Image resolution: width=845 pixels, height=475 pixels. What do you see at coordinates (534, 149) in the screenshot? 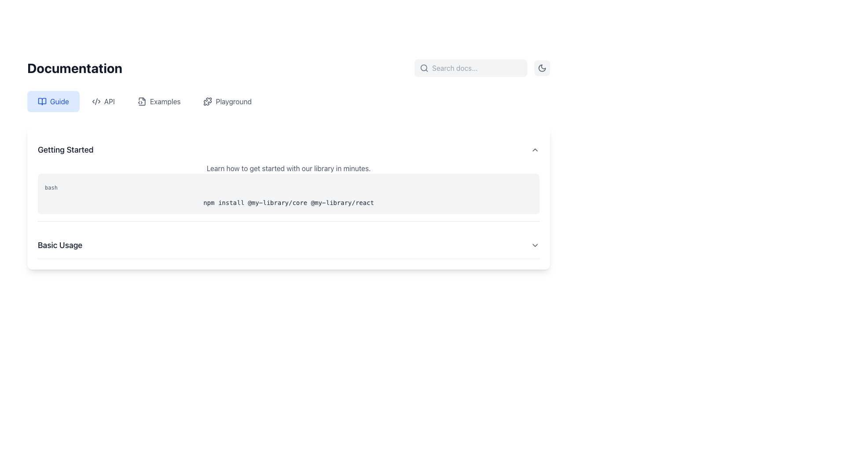
I see `the downward-facing chevron icon, which is styled with a thin gray outline and is located to the right of the 'Getting Started' text` at bounding box center [534, 149].